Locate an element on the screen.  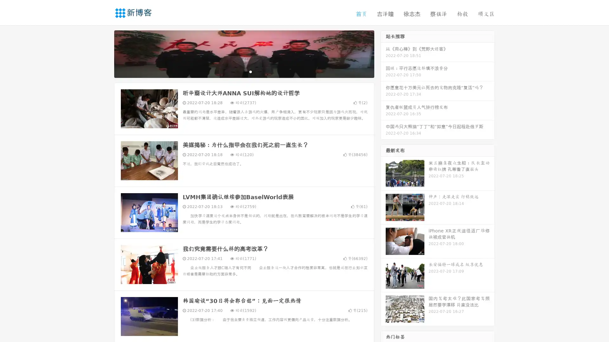
Next slide is located at coordinates (383, 53).